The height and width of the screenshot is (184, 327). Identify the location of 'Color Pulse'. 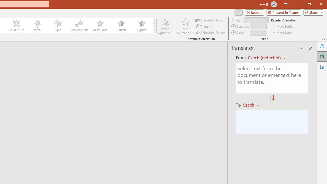
(16, 26).